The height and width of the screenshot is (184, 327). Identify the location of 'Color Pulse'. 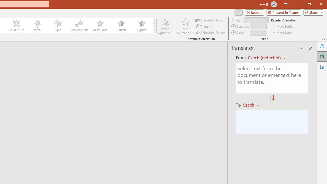
(16, 26).